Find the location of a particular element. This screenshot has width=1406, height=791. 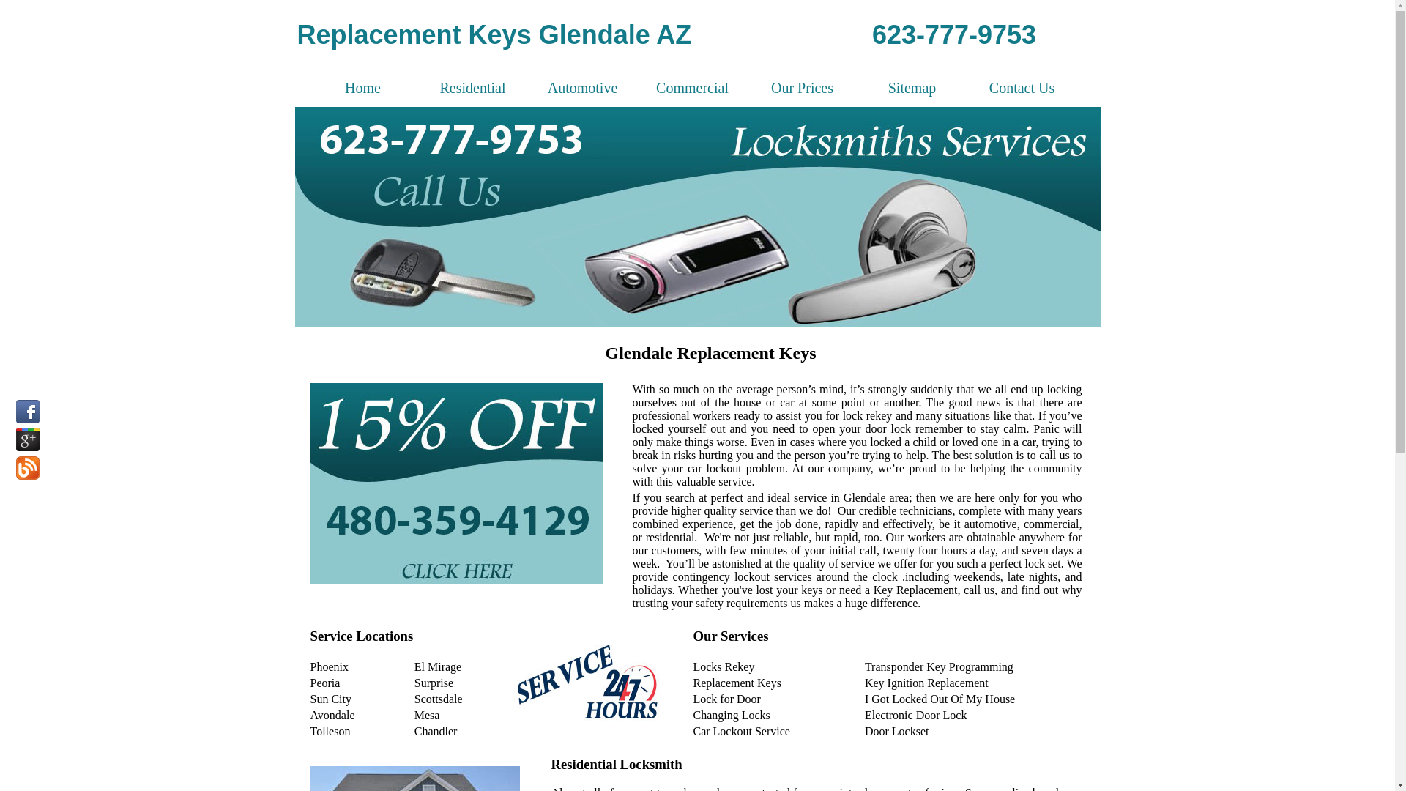

'Automotive' is located at coordinates (582, 88).